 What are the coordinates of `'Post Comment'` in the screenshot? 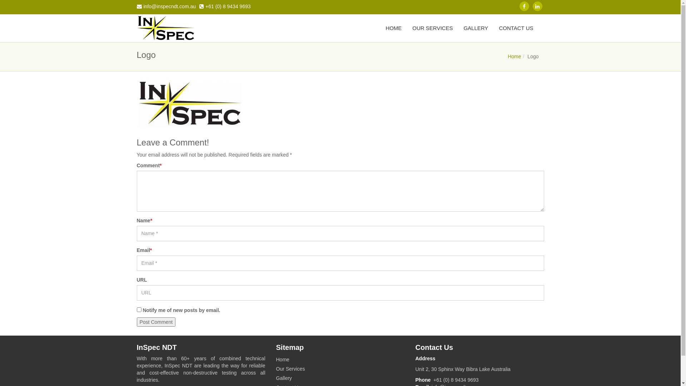 It's located at (155, 322).